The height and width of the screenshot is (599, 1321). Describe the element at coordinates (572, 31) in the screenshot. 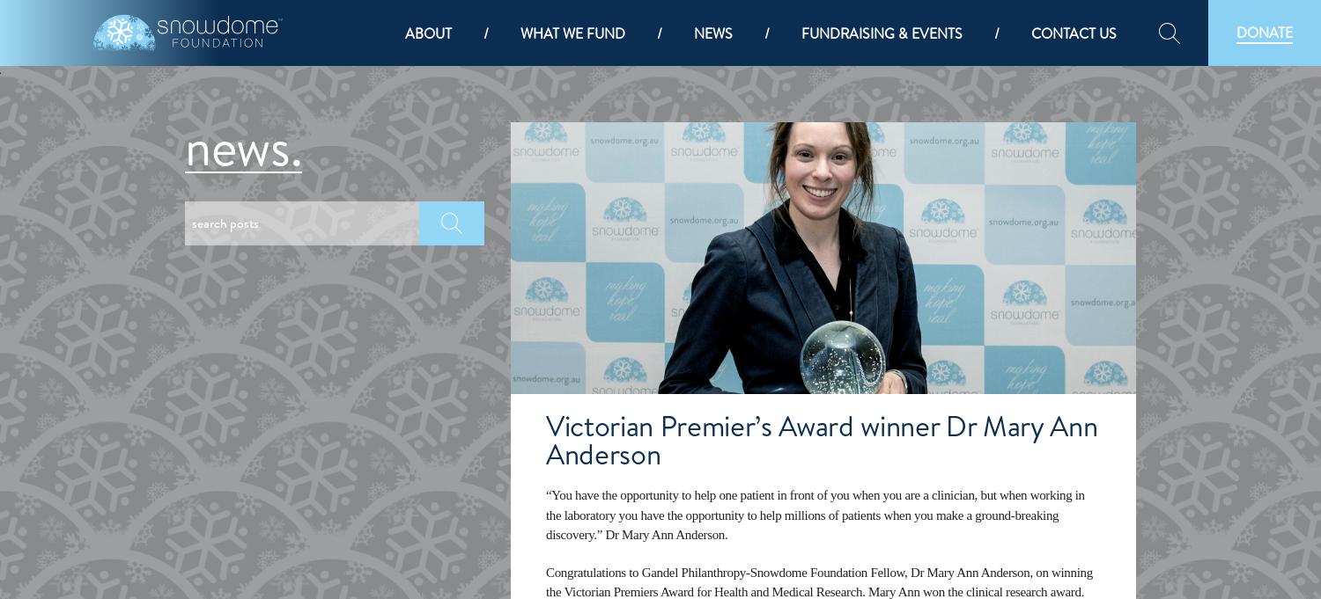

I see `'What we fund'` at that location.